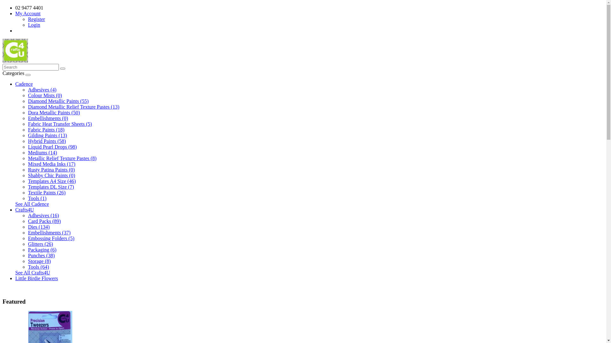 The image size is (611, 343). I want to click on 'My Account', so click(15, 13).